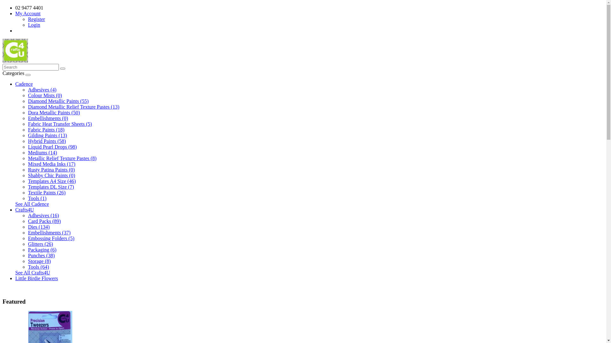 The image size is (611, 343). I want to click on 'My Account', so click(15, 13).